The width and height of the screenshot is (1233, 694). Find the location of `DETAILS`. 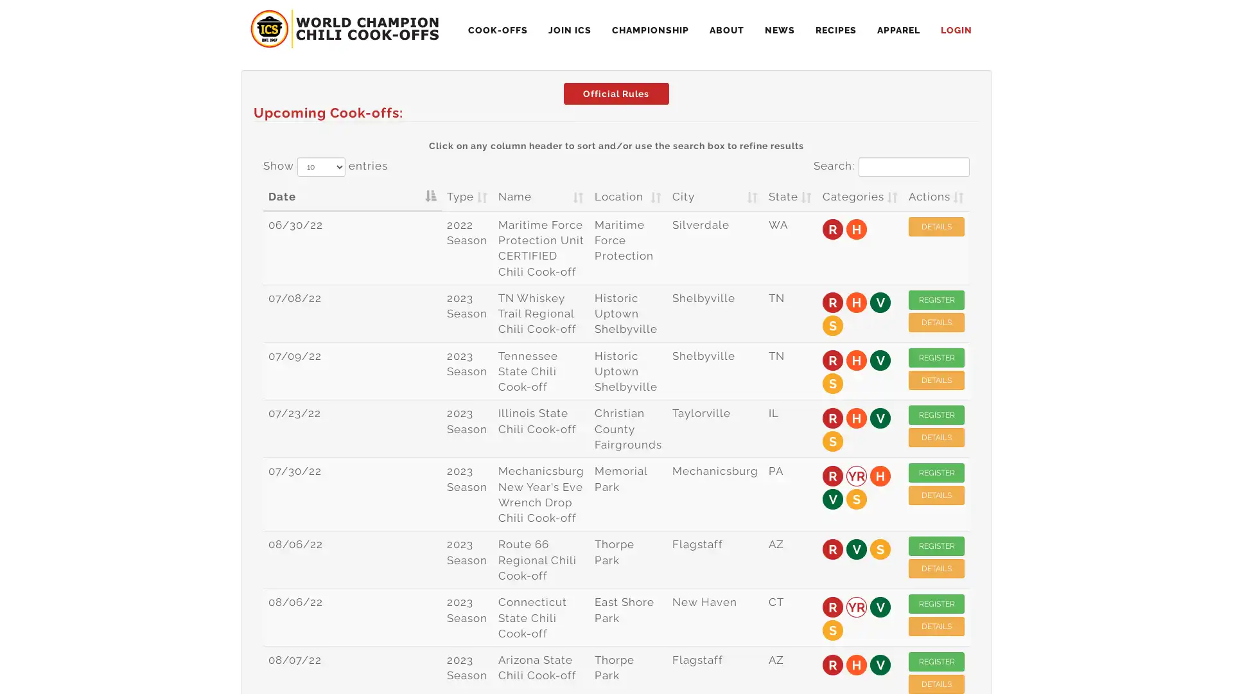

DETAILS is located at coordinates (936, 225).